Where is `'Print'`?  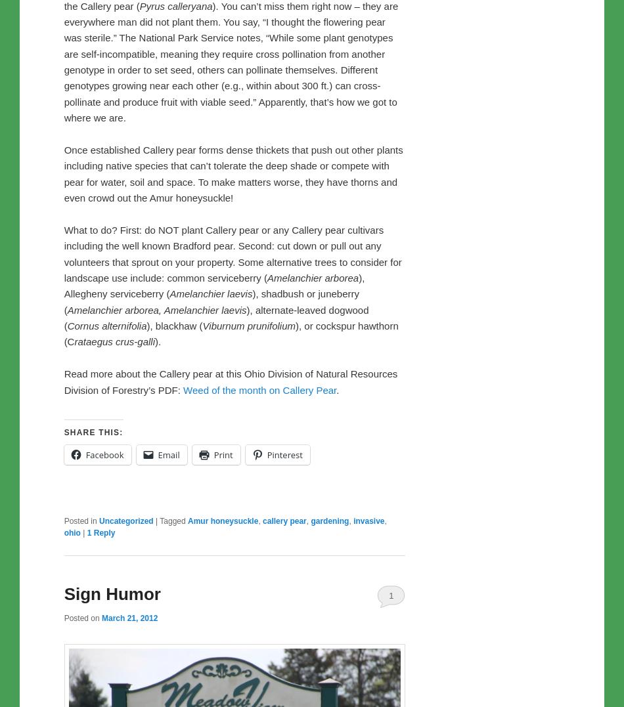
'Print' is located at coordinates (222, 454).